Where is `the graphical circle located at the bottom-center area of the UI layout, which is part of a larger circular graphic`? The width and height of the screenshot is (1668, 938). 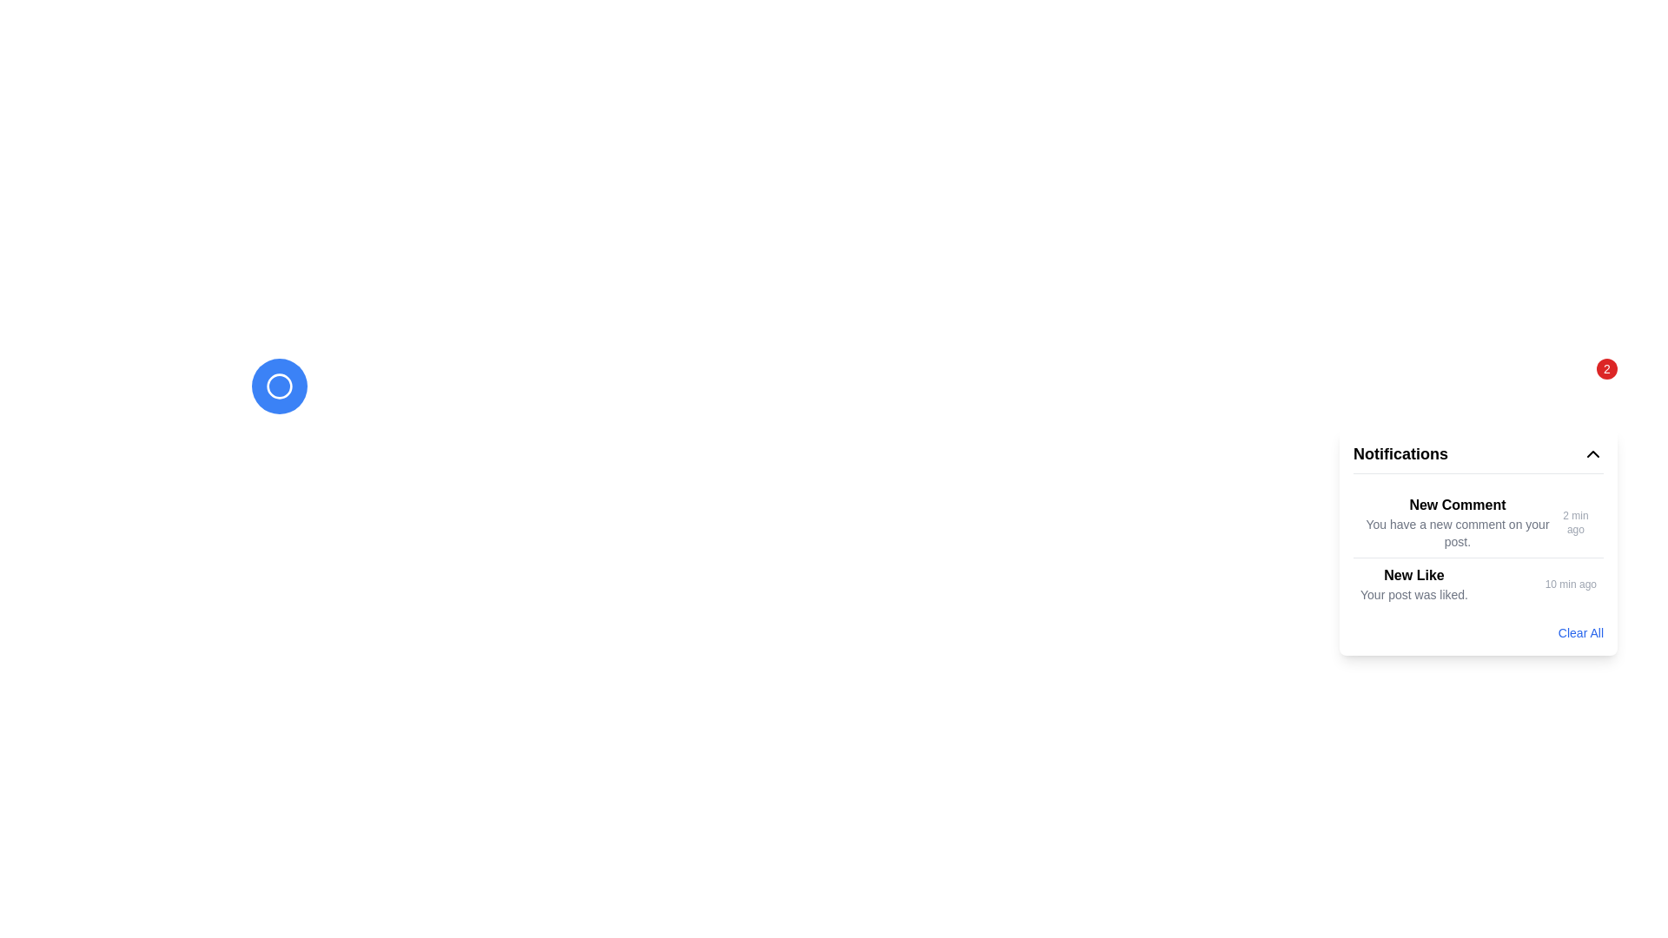 the graphical circle located at the bottom-center area of the UI layout, which is part of a larger circular graphic is located at coordinates (279, 385).